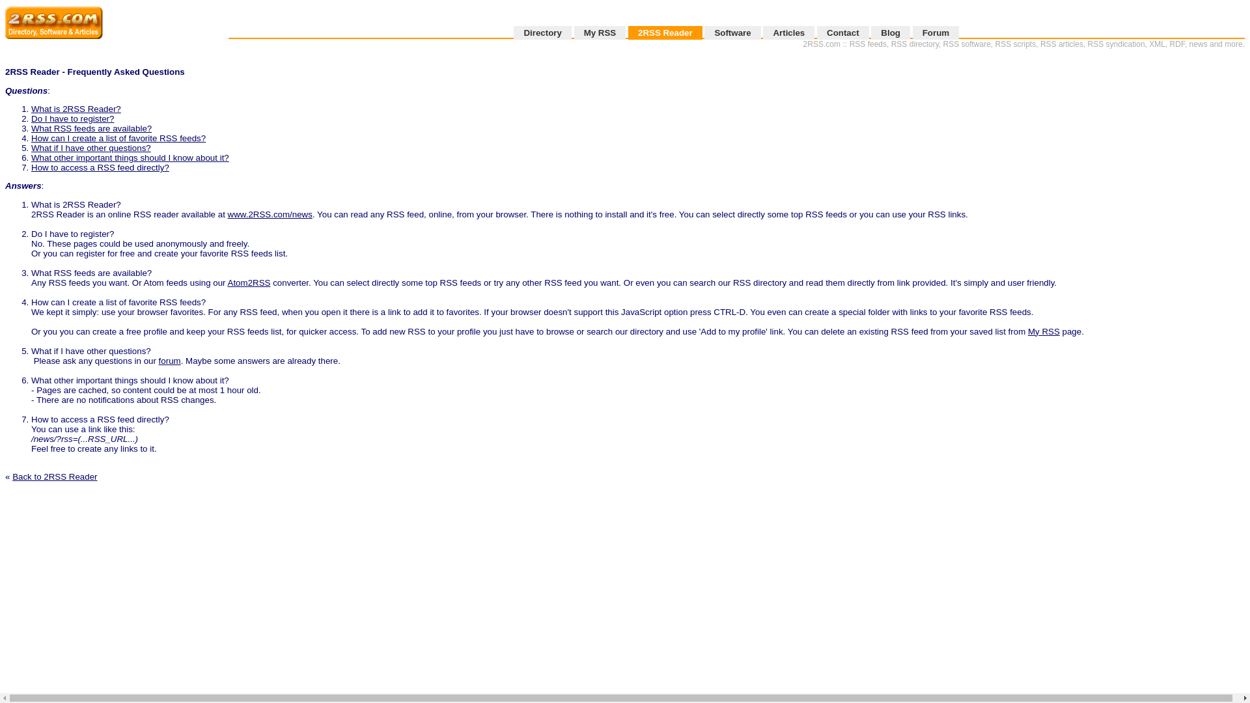 This screenshot has width=1250, height=703. What do you see at coordinates (99, 167) in the screenshot?
I see `'How to access a RSS feed directly?'` at bounding box center [99, 167].